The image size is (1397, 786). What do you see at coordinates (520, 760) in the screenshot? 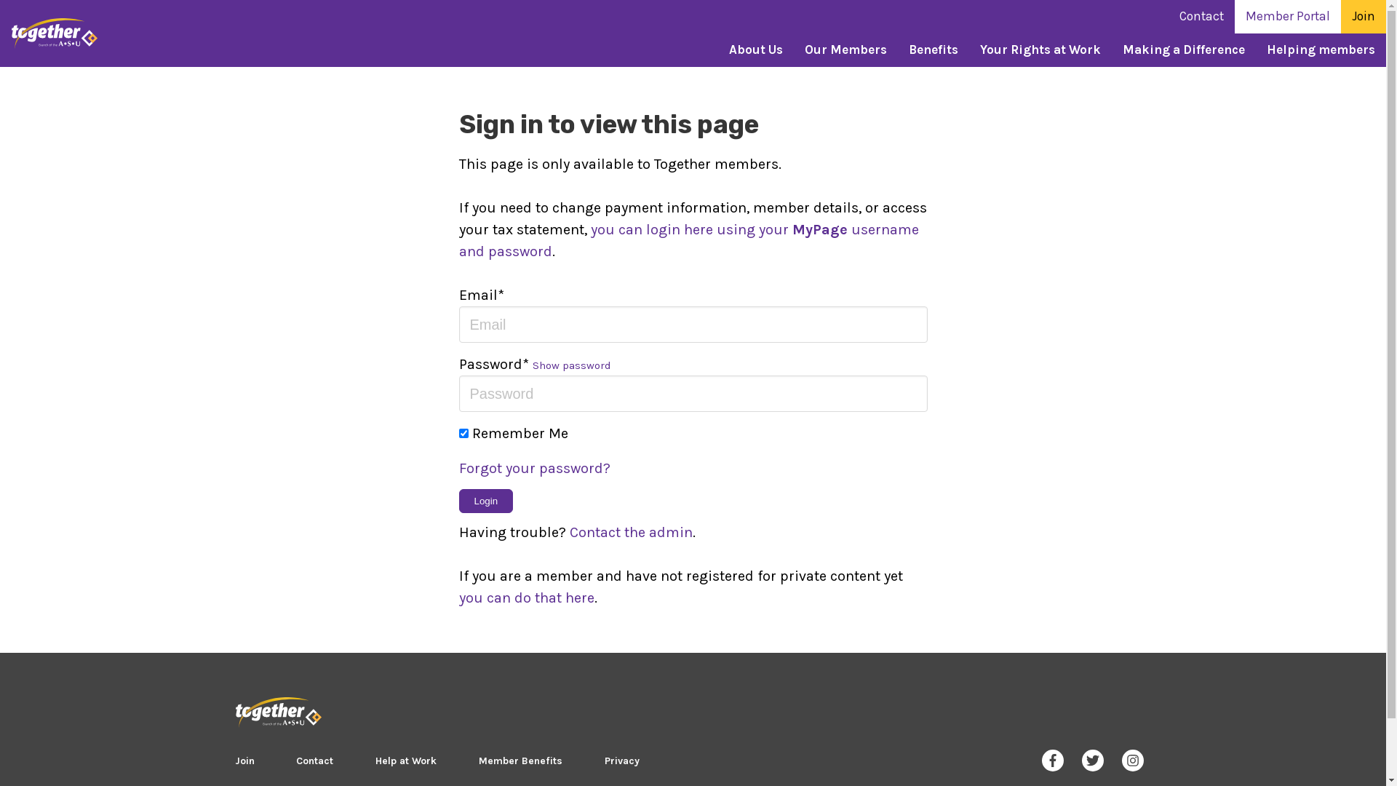
I see `'Member Benefits'` at bounding box center [520, 760].